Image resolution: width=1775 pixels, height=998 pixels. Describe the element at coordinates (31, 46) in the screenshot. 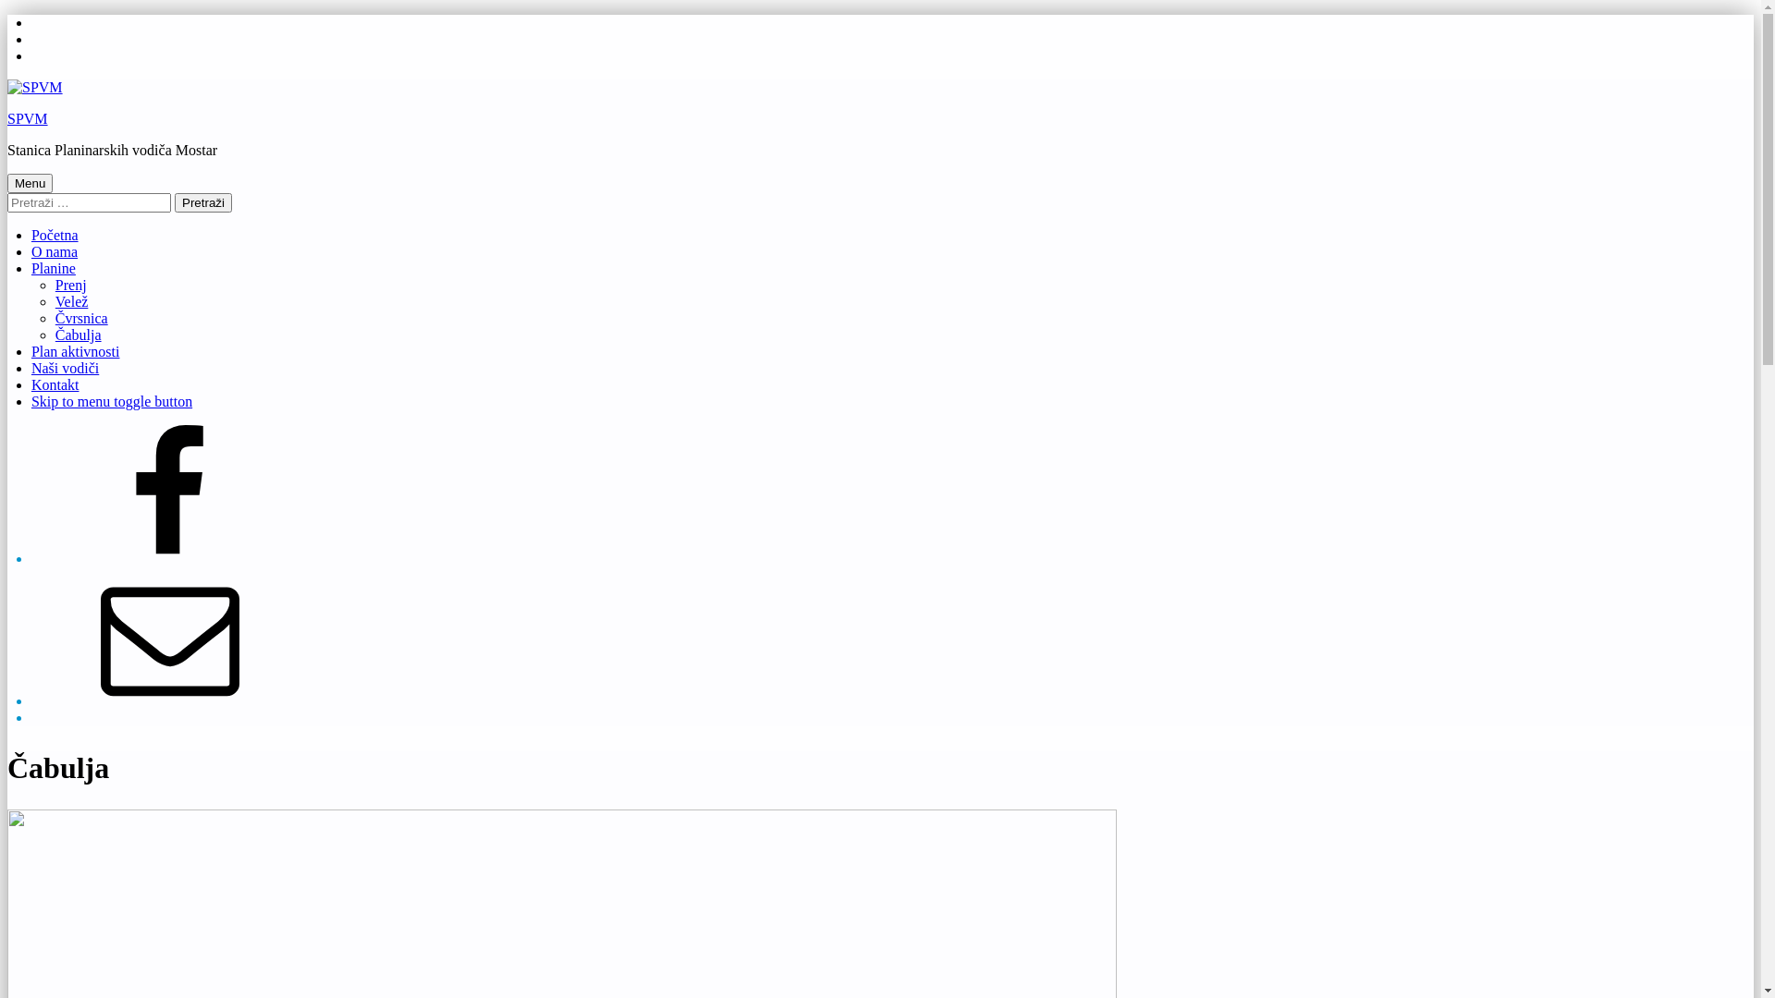

I see `'Skip to footer'` at that location.